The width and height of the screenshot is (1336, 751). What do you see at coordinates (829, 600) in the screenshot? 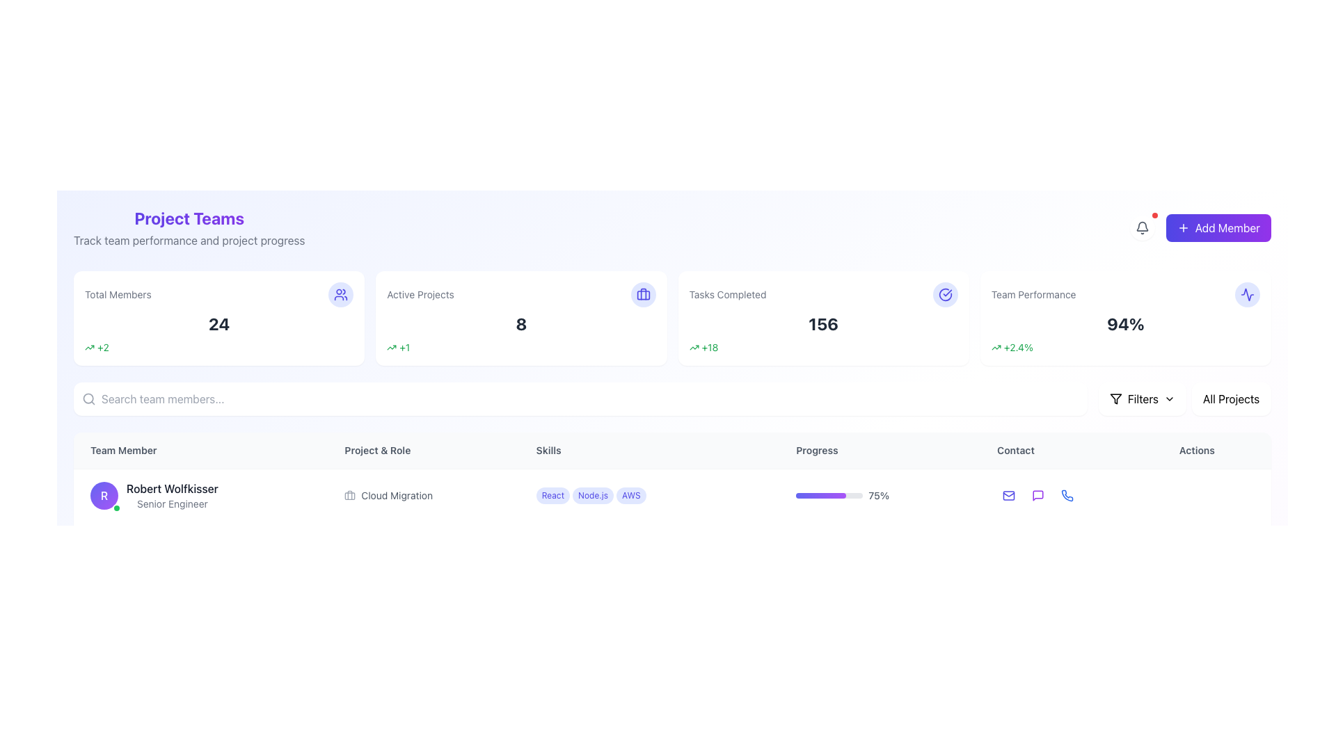
I see `the Progress Bar located under the 'Progress' column for the team member 'Robert Wolfkisser', which visually represents a percentage value of progress` at bounding box center [829, 600].